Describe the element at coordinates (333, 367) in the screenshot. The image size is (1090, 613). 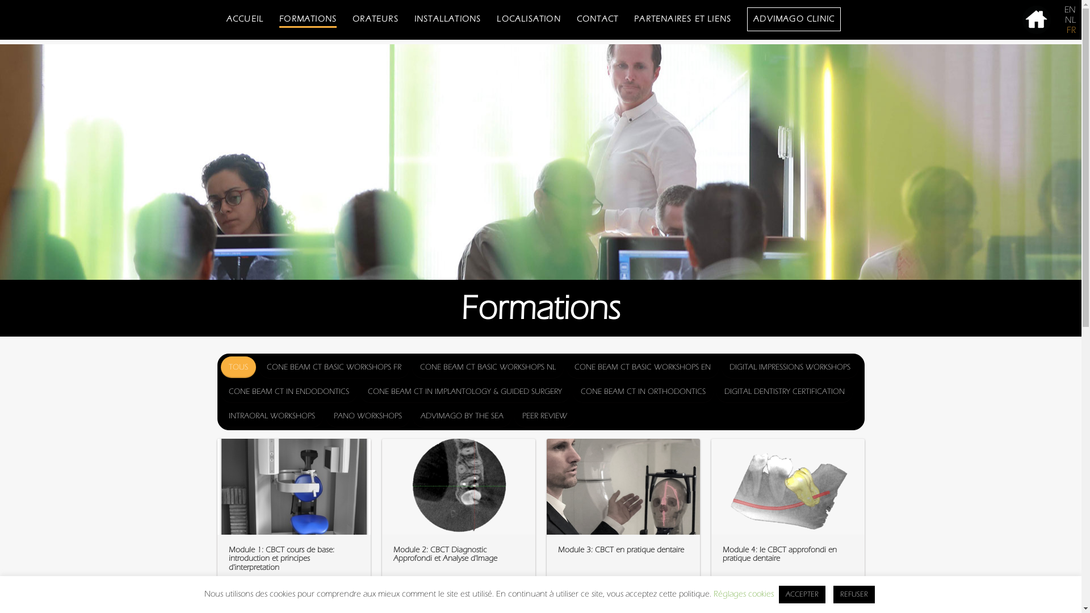
I see `'CONE BEAM CT BASIC WORKSHOPS FR'` at that location.